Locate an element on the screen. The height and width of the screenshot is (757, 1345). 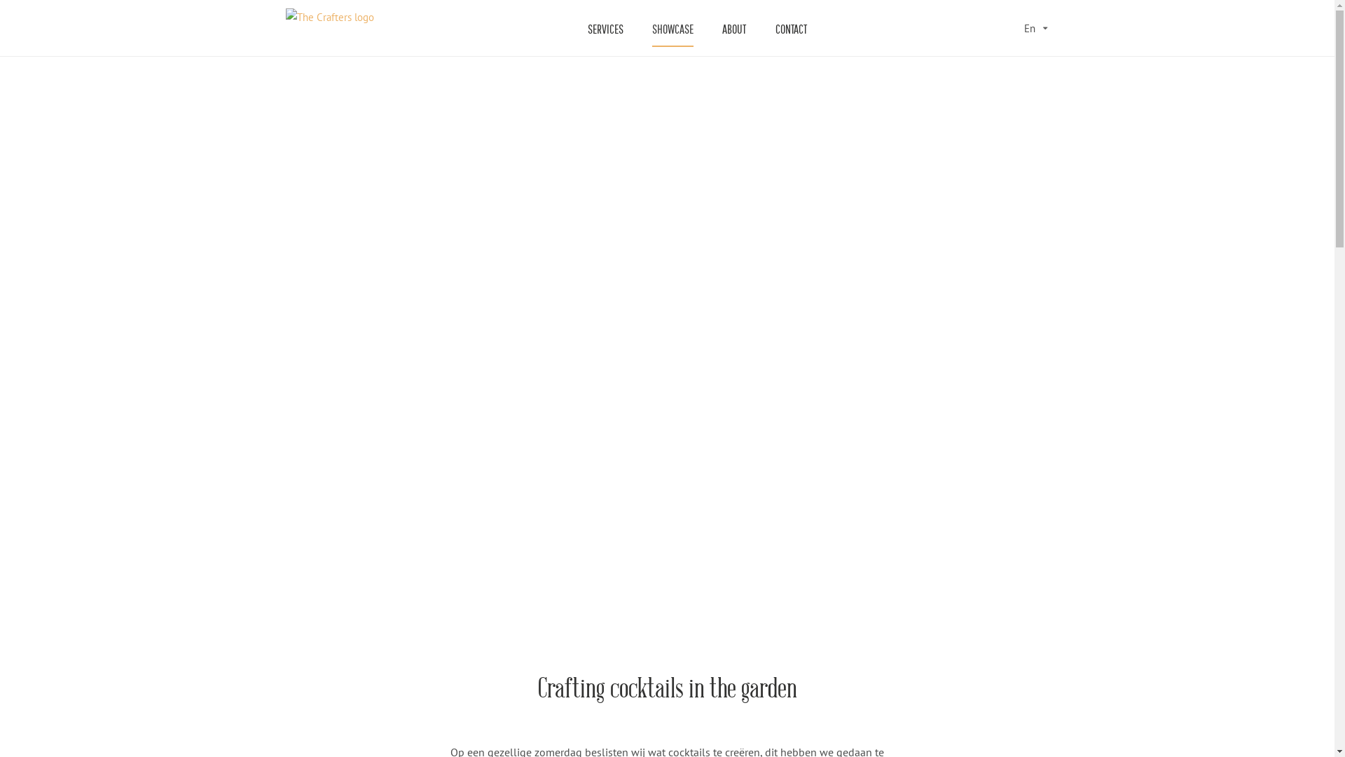
'CONTACT' is located at coordinates (759, 29).